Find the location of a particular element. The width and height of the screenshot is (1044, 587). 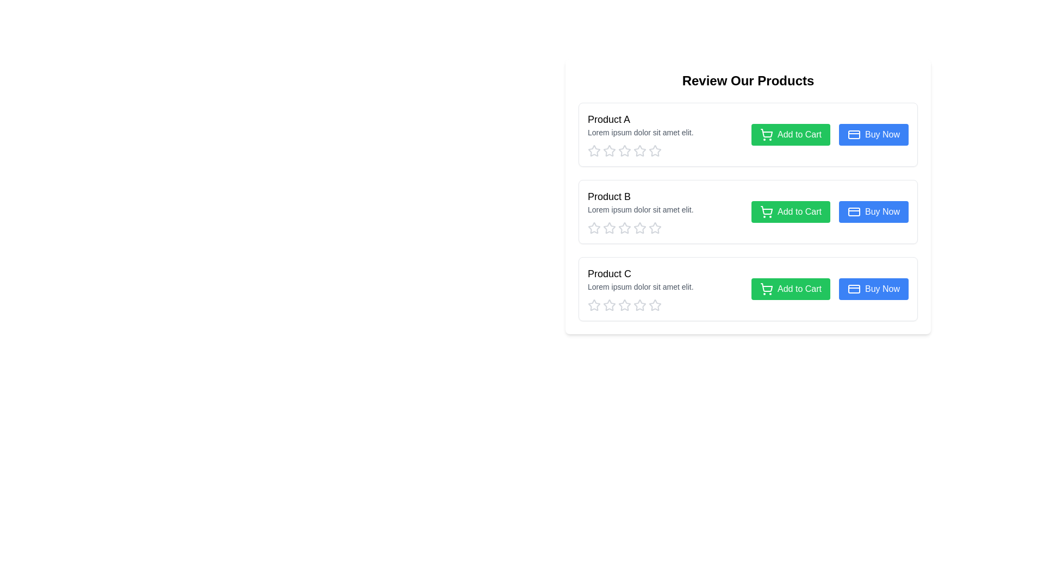

the decorative icon representing a credit card or payment feature located to the right of the 'Buy Now' button in the first row of the product list is located at coordinates (853, 134).